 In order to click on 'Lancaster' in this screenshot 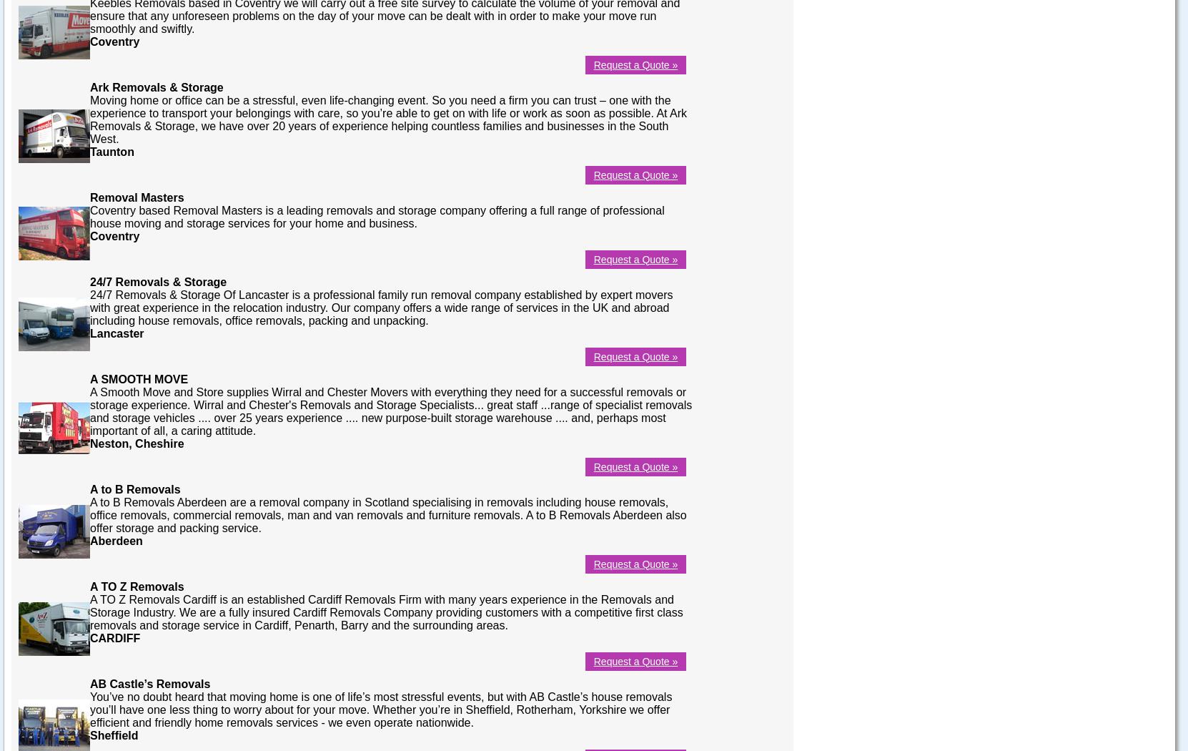, I will do `click(89, 333)`.